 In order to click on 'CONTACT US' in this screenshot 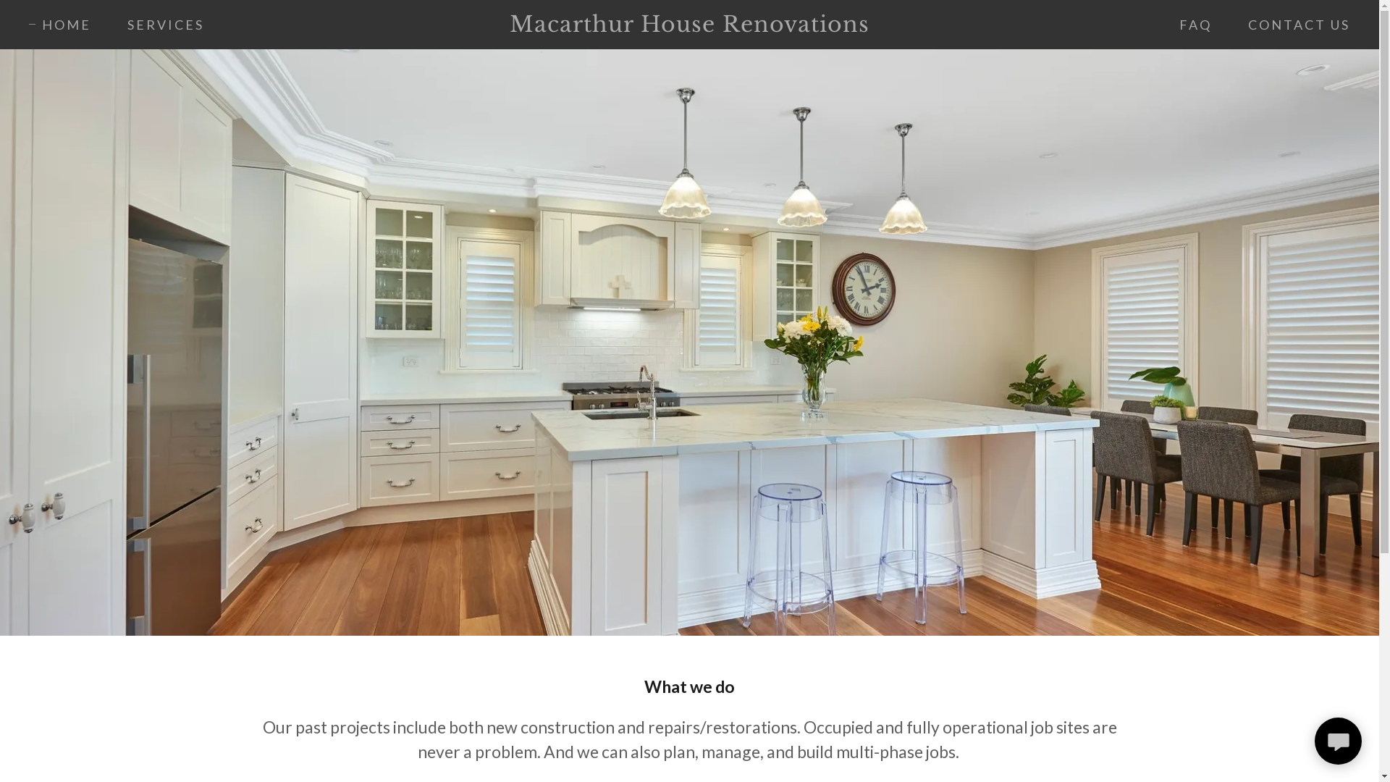, I will do `click(1229, 25)`.